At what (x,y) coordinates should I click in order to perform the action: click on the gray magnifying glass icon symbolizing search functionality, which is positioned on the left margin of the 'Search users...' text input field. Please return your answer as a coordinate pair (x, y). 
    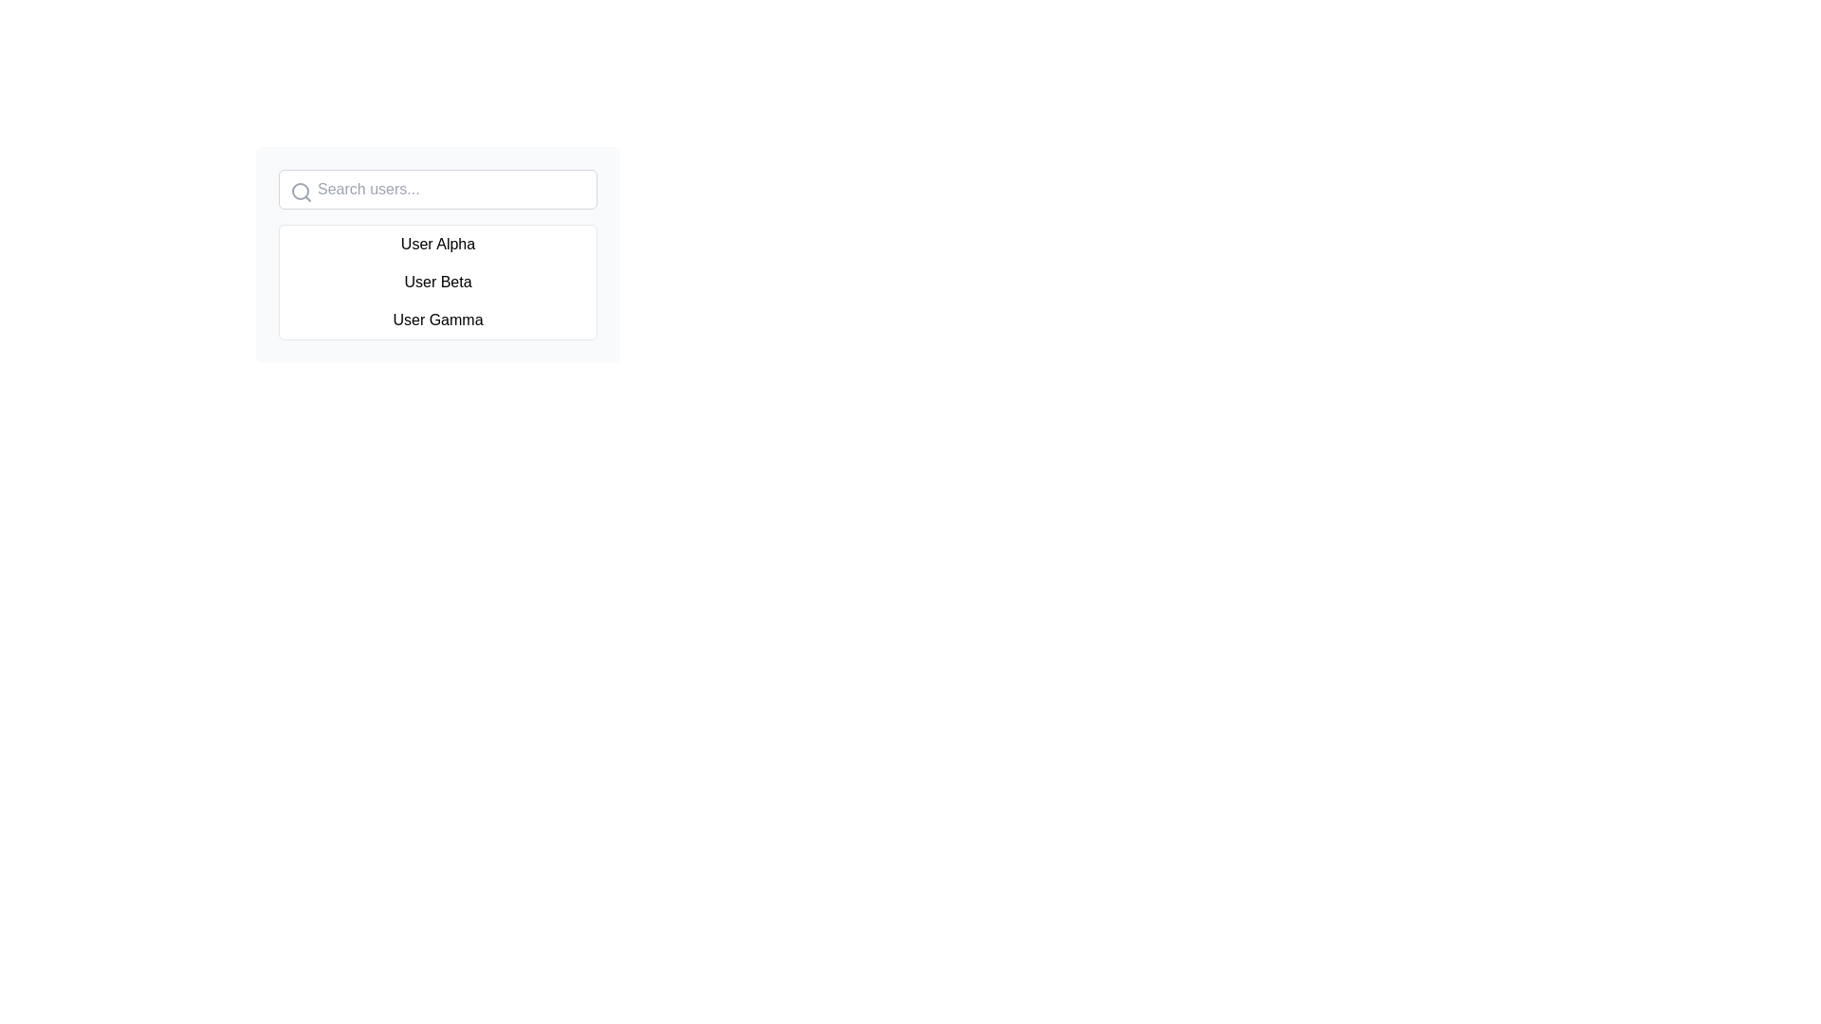
    Looking at the image, I should click on (300, 192).